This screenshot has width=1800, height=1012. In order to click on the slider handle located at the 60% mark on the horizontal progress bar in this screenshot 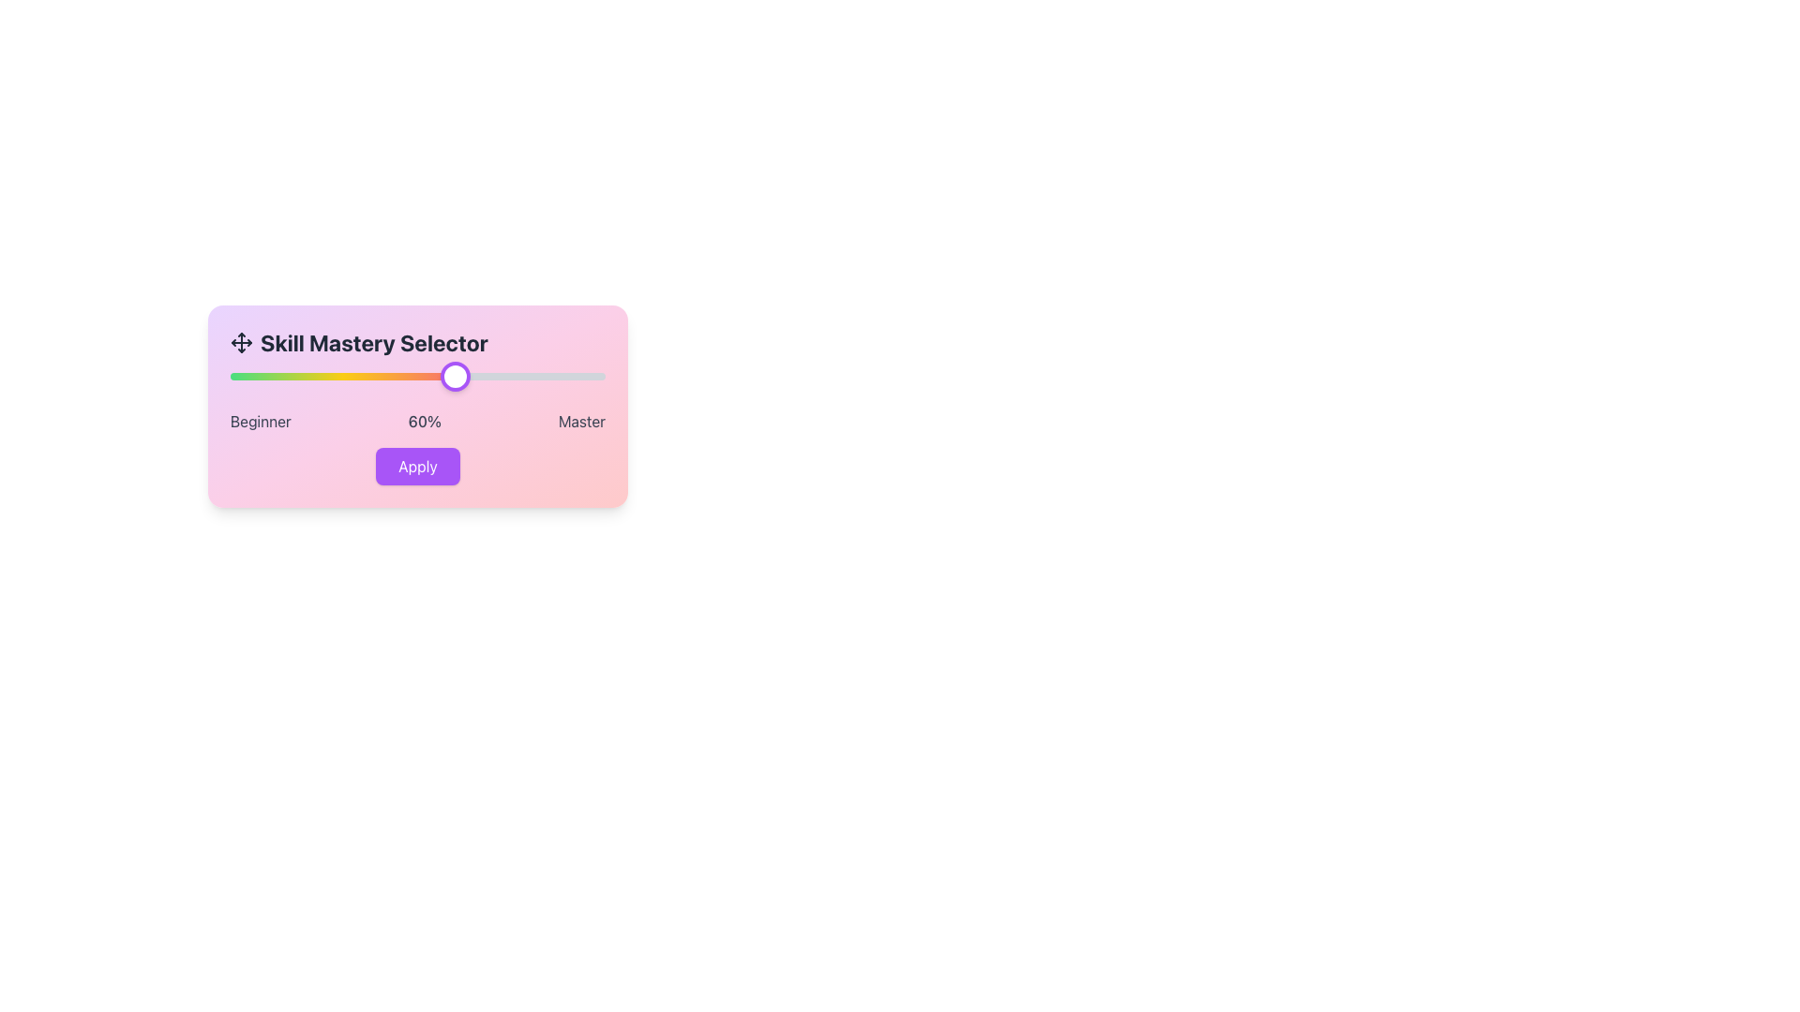, I will do `click(455, 376)`.